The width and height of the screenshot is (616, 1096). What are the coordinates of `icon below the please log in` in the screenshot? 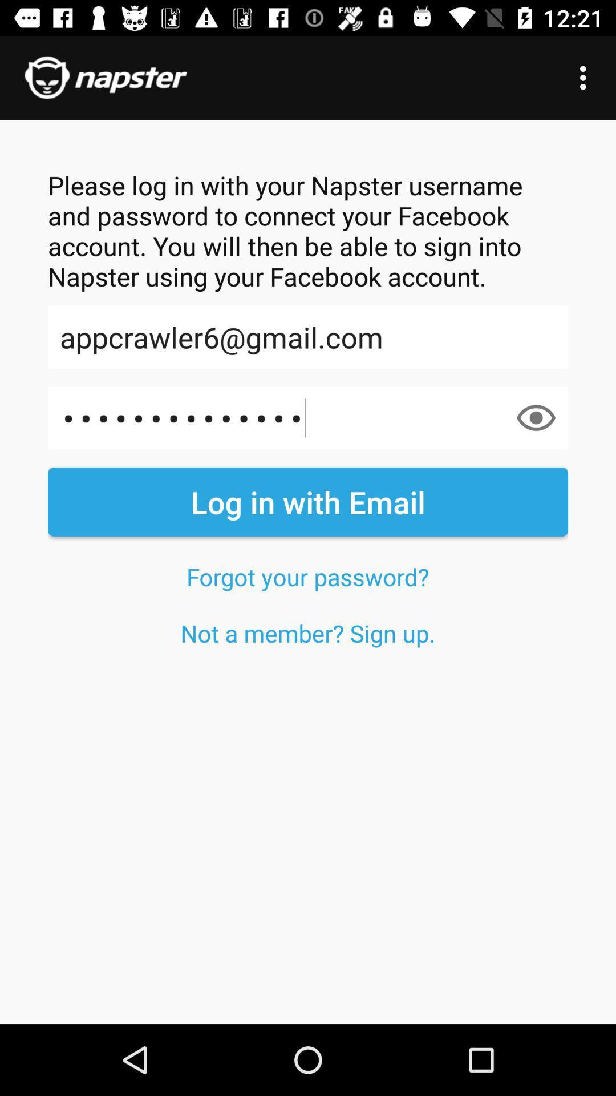 It's located at (308, 336).